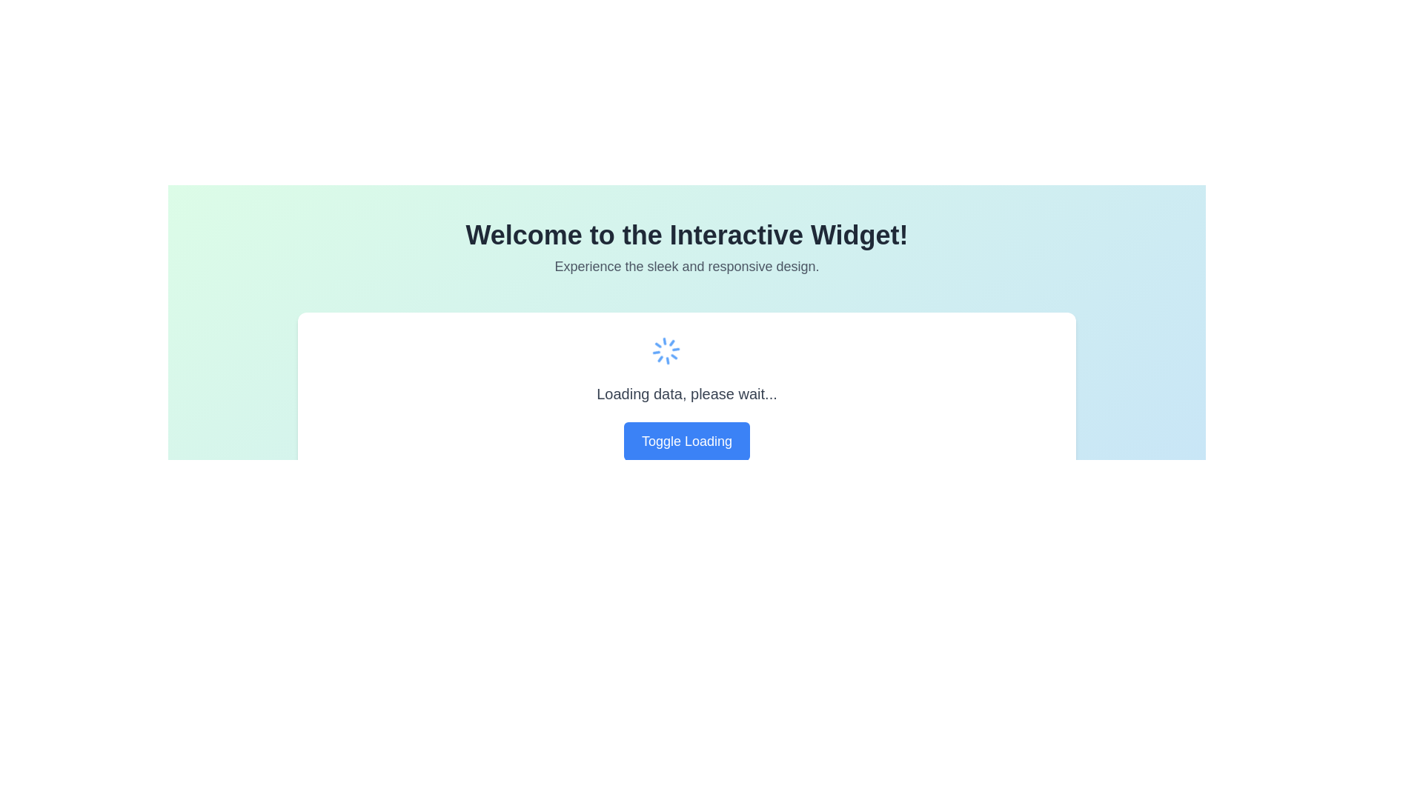 Image resolution: width=1423 pixels, height=800 pixels. Describe the element at coordinates (686, 265) in the screenshot. I see `the static text element reading 'Experience the sleek and responsive design.' which is located below the heading 'Welcome to the Interactive Widget!'` at that location.